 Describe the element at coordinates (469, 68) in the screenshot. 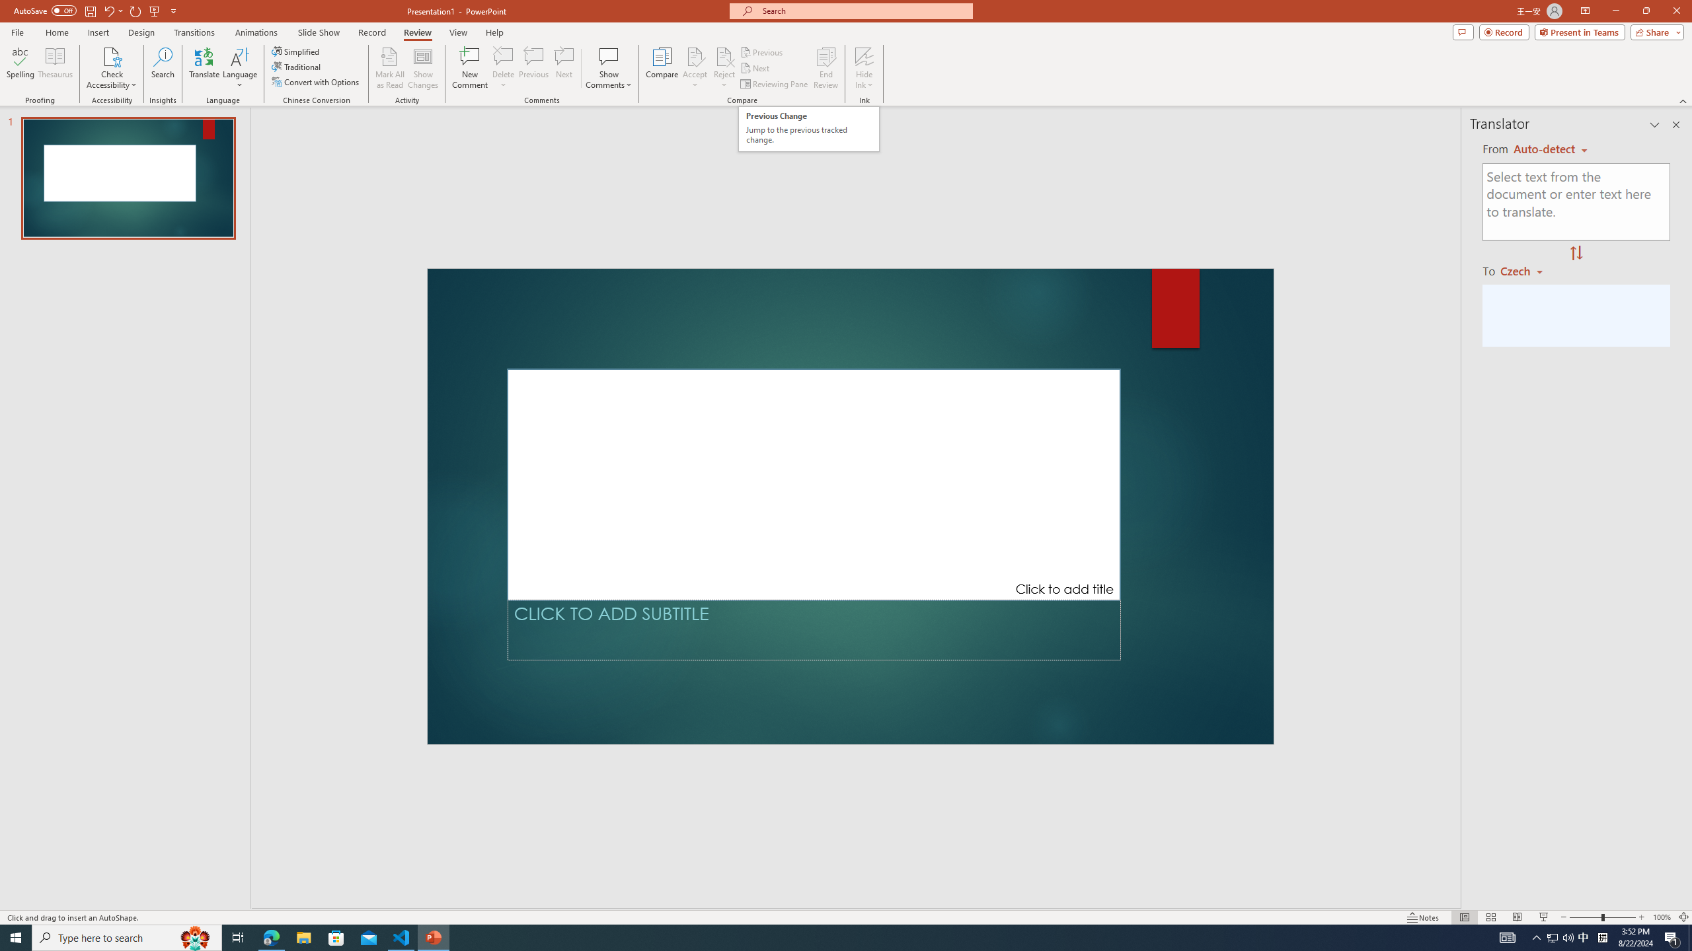

I see `'New Comment'` at that location.